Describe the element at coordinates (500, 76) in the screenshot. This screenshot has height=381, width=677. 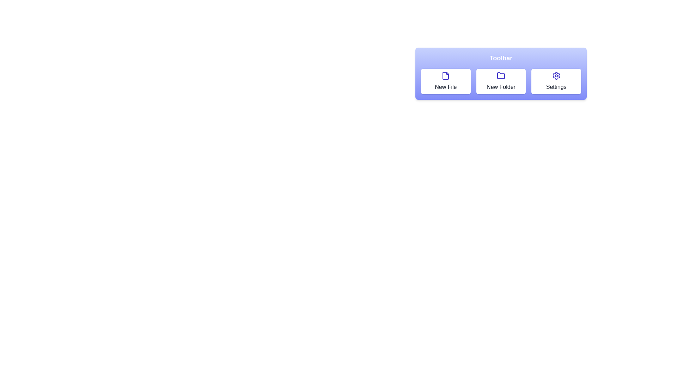
I see `the folder management icon located in the toolbar to invoke folder-related actions` at that location.